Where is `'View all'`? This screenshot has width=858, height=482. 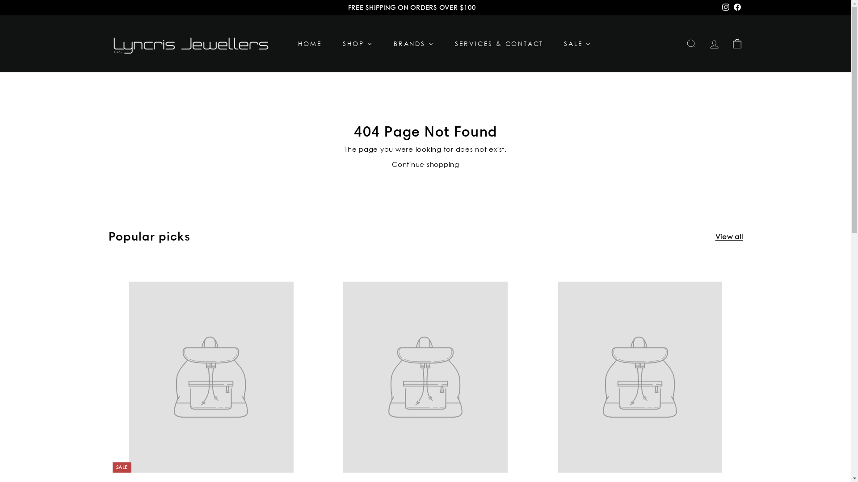
'View all' is located at coordinates (729, 236).